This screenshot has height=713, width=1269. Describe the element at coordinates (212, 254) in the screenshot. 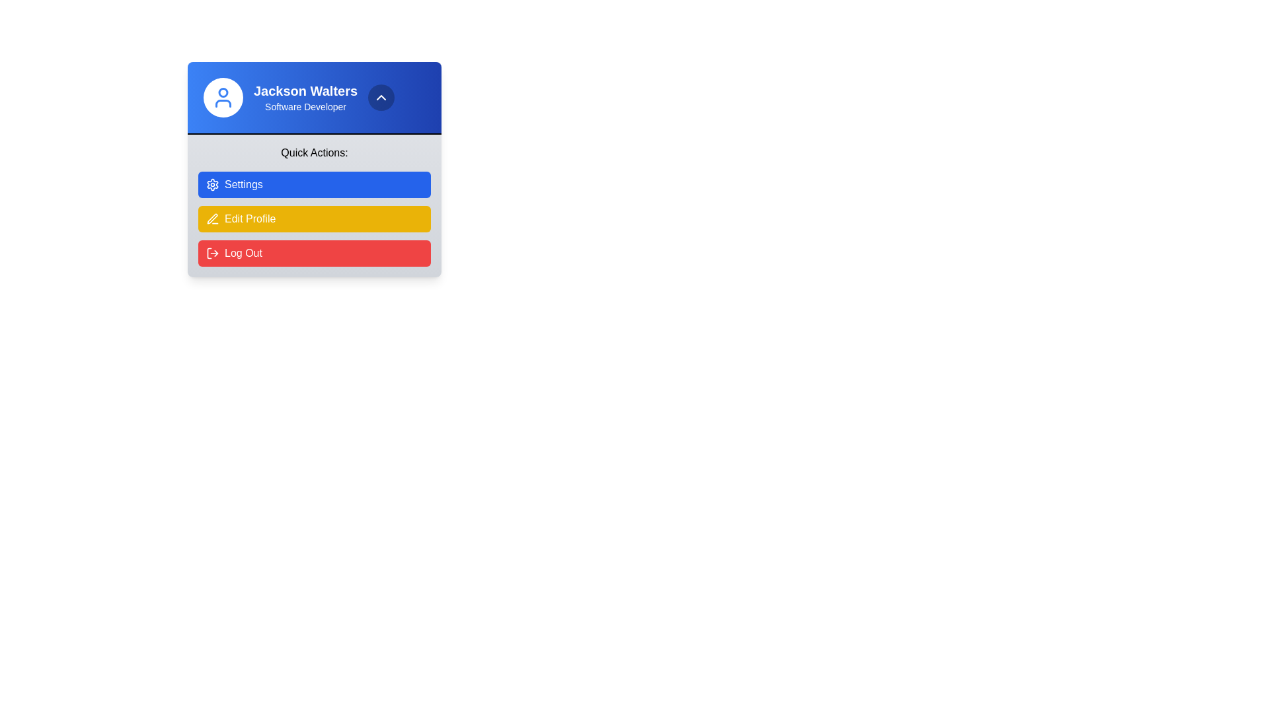

I see `the 'Log Out' button, which features a red logout arrow icon on its left side` at that location.